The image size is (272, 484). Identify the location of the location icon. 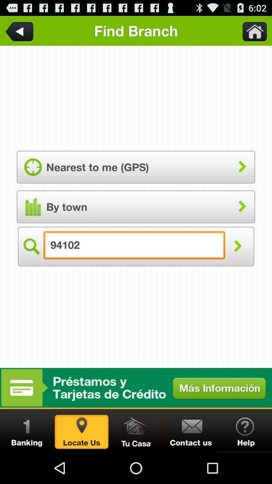
(81, 461).